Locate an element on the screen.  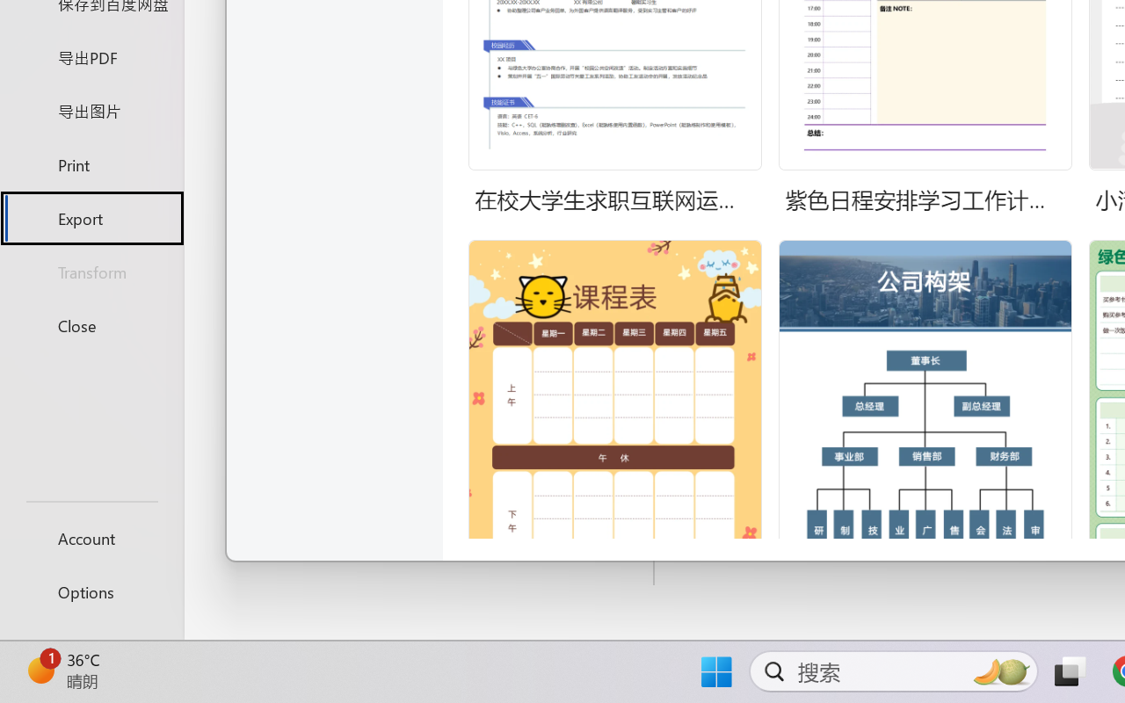
'Transform' is located at coordinates (91, 271).